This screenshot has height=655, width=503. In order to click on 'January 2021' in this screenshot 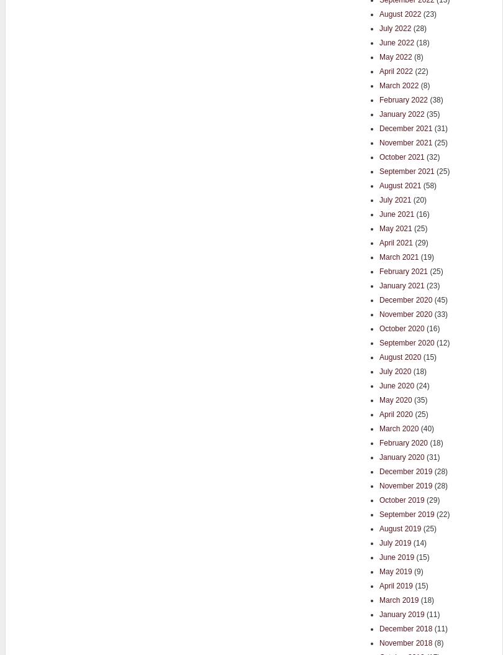, I will do `click(401, 285)`.